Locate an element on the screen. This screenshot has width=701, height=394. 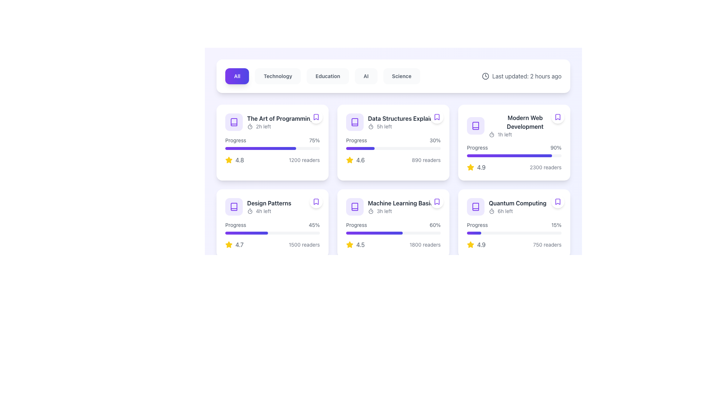
the bookmark icon button located in the top-right corner of the 'Machine Learning Basics' card to bookmark the item for later reference is located at coordinates (437, 201).